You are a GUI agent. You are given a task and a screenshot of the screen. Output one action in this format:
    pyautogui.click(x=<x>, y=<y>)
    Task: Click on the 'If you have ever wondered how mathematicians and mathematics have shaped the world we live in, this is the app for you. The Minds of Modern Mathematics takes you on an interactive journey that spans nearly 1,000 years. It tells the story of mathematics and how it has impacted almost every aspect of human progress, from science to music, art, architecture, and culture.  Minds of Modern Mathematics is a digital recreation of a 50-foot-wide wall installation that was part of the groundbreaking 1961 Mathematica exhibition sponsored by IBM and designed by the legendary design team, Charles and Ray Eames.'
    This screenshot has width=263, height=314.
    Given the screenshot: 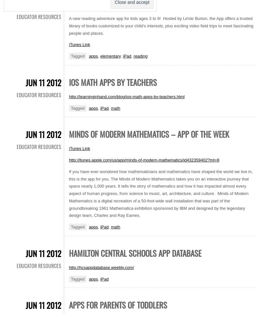 What is the action you would take?
    pyautogui.click(x=161, y=193)
    